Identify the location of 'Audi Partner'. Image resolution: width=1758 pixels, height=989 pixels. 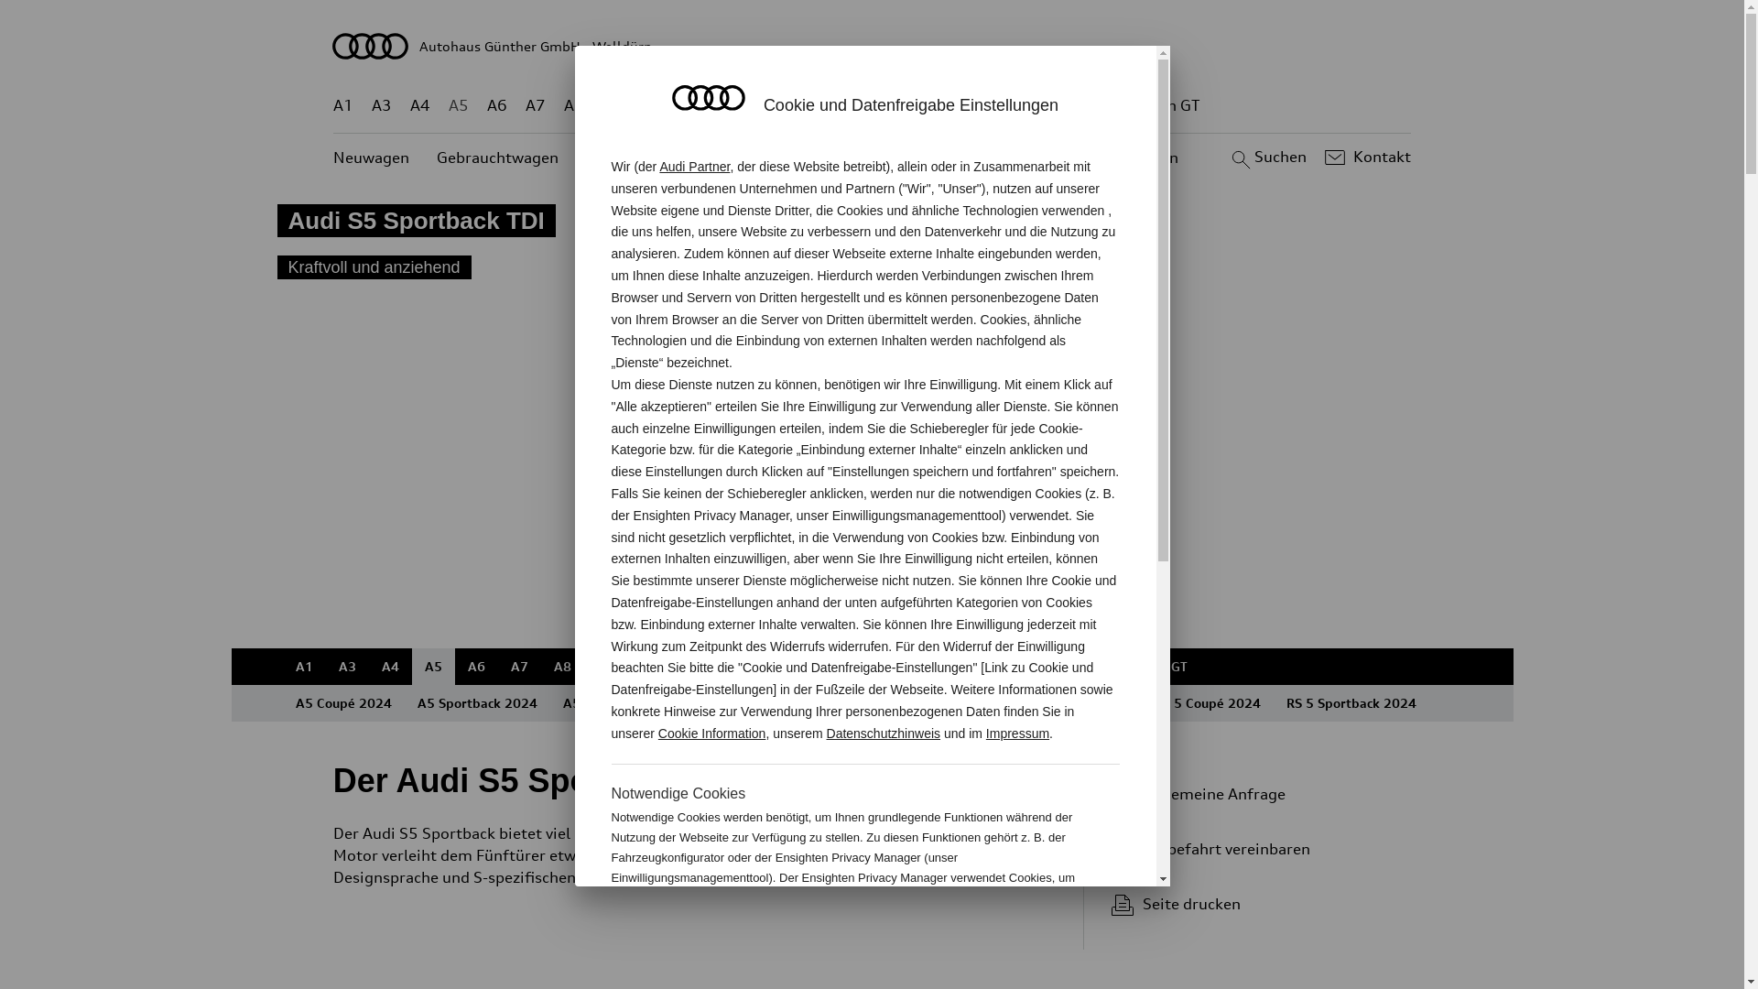
(693, 166).